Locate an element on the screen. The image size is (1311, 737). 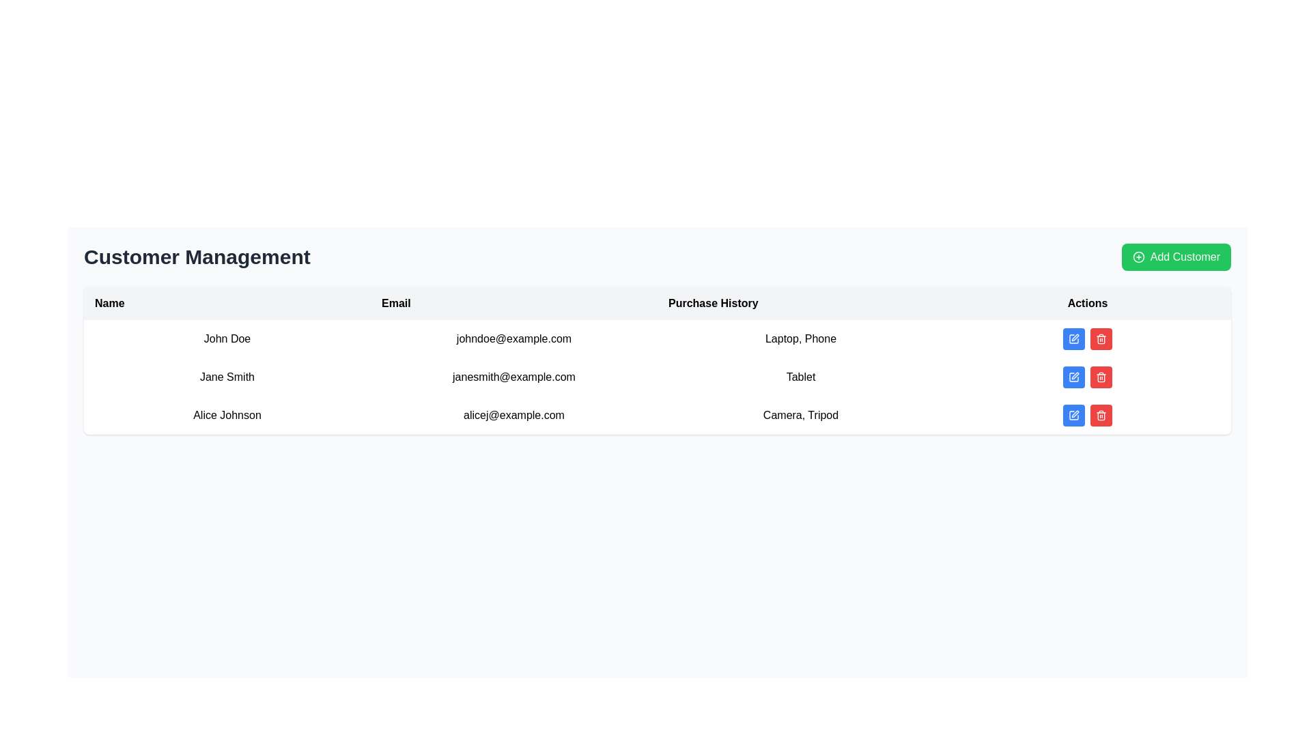
the trash icon located in the 'Actions' column of the table, which is associated with the user 'Alice Johnson', to initiate a delete action is located at coordinates (1101, 415).